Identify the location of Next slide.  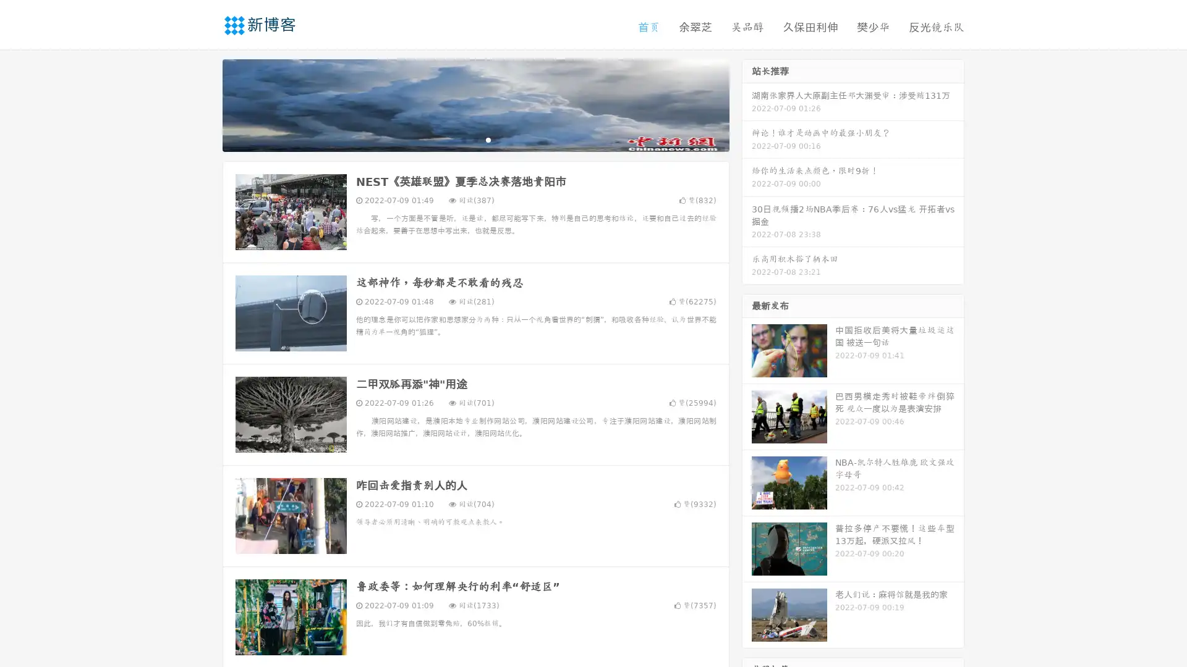
(747, 104).